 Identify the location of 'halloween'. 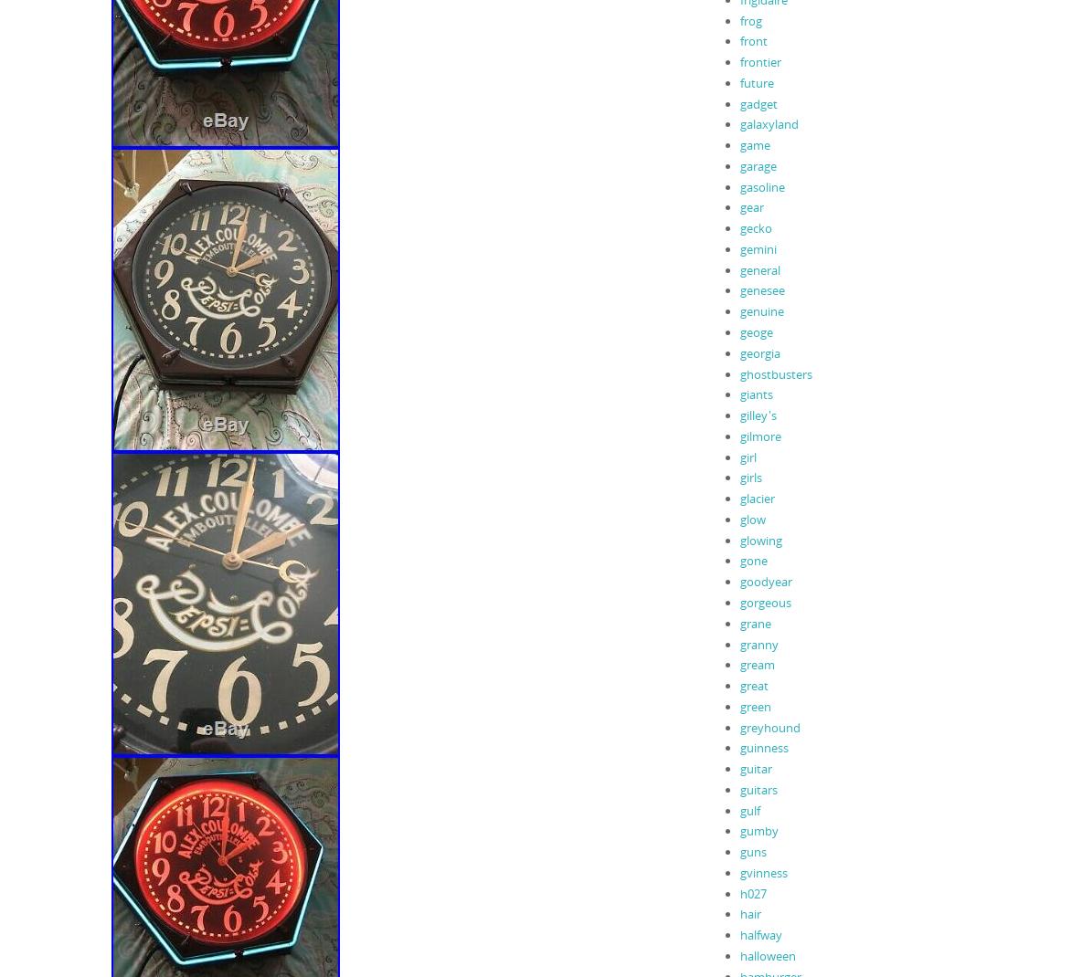
(767, 955).